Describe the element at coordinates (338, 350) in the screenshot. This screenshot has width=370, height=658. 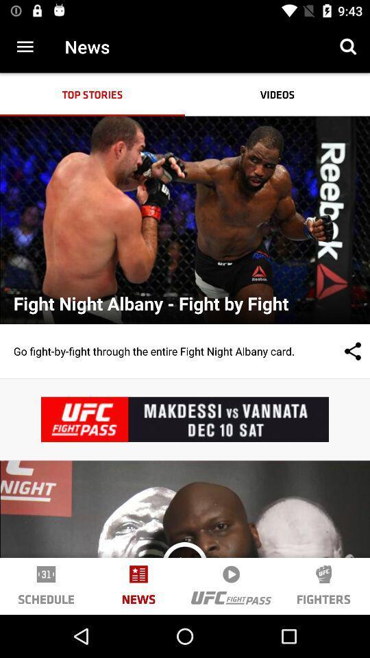
I see `the icon on the right` at that location.